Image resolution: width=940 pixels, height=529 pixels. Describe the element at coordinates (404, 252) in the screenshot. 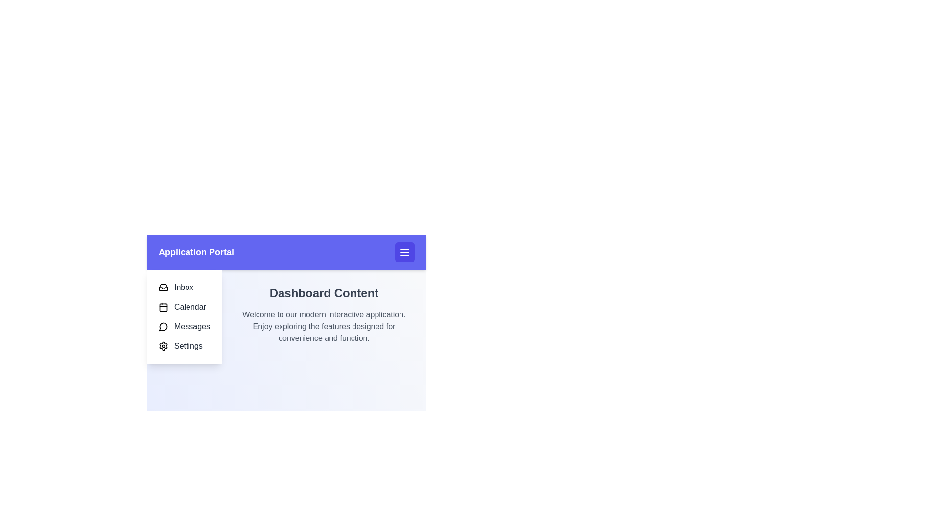

I see `the menu icon located at the top-right corner of the interface within a purple button` at that location.